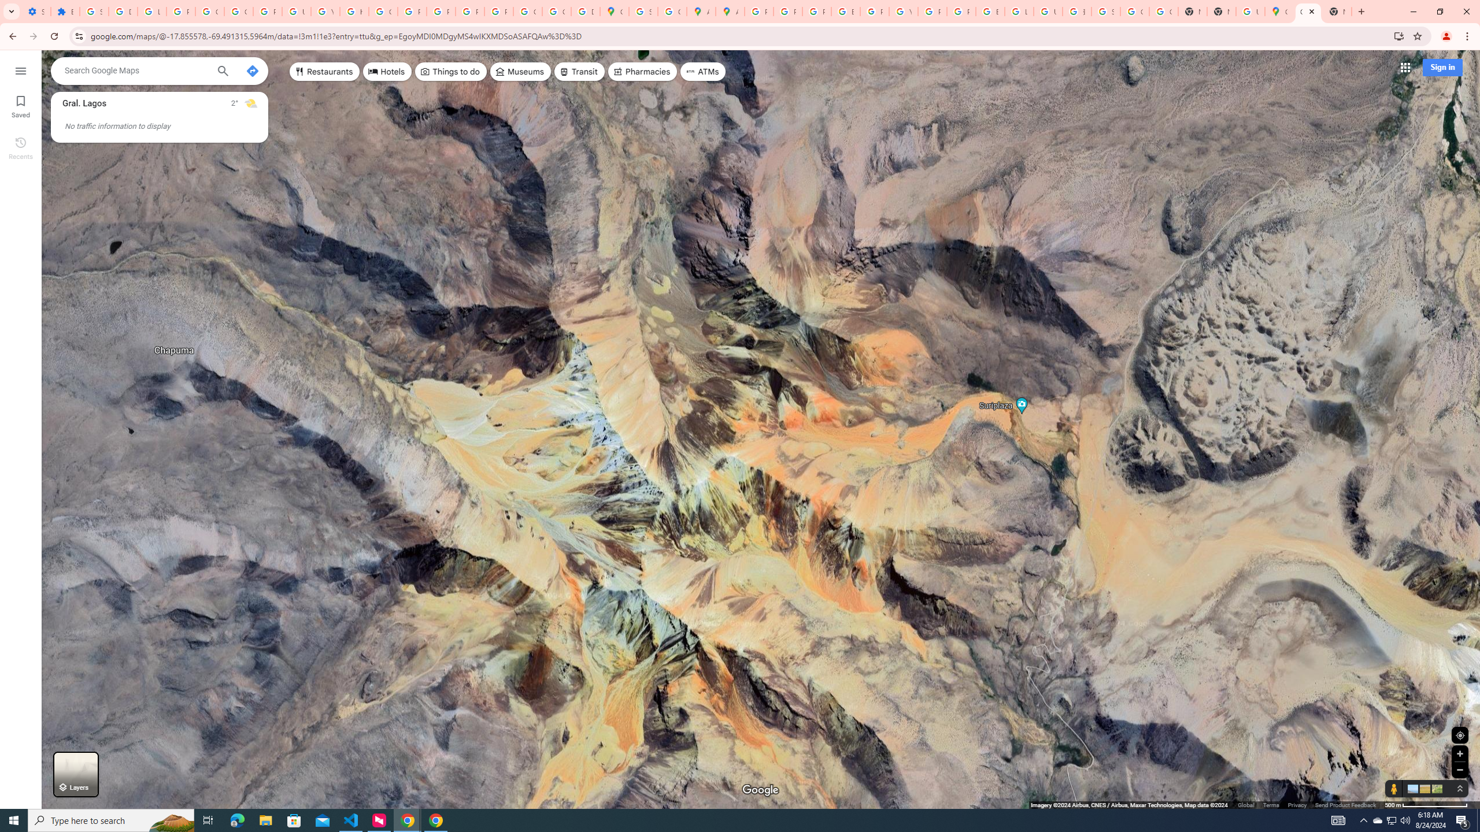 The height and width of the screenshot is (832, 1480). Describe the element at coordinates (20, 147) in the screenshot. I see `'Recents'` at that location.